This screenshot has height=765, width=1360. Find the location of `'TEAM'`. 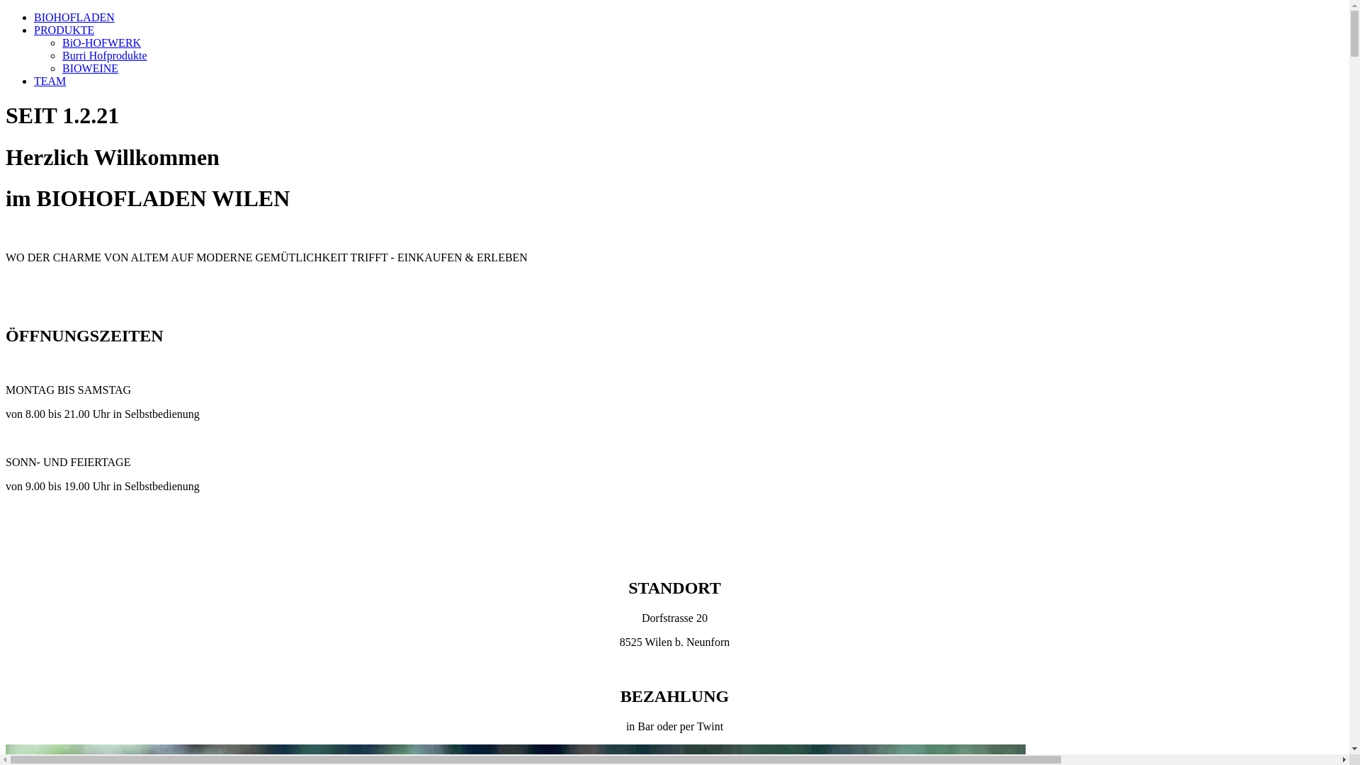

'TEAM' is located at coordinates (34, 81).